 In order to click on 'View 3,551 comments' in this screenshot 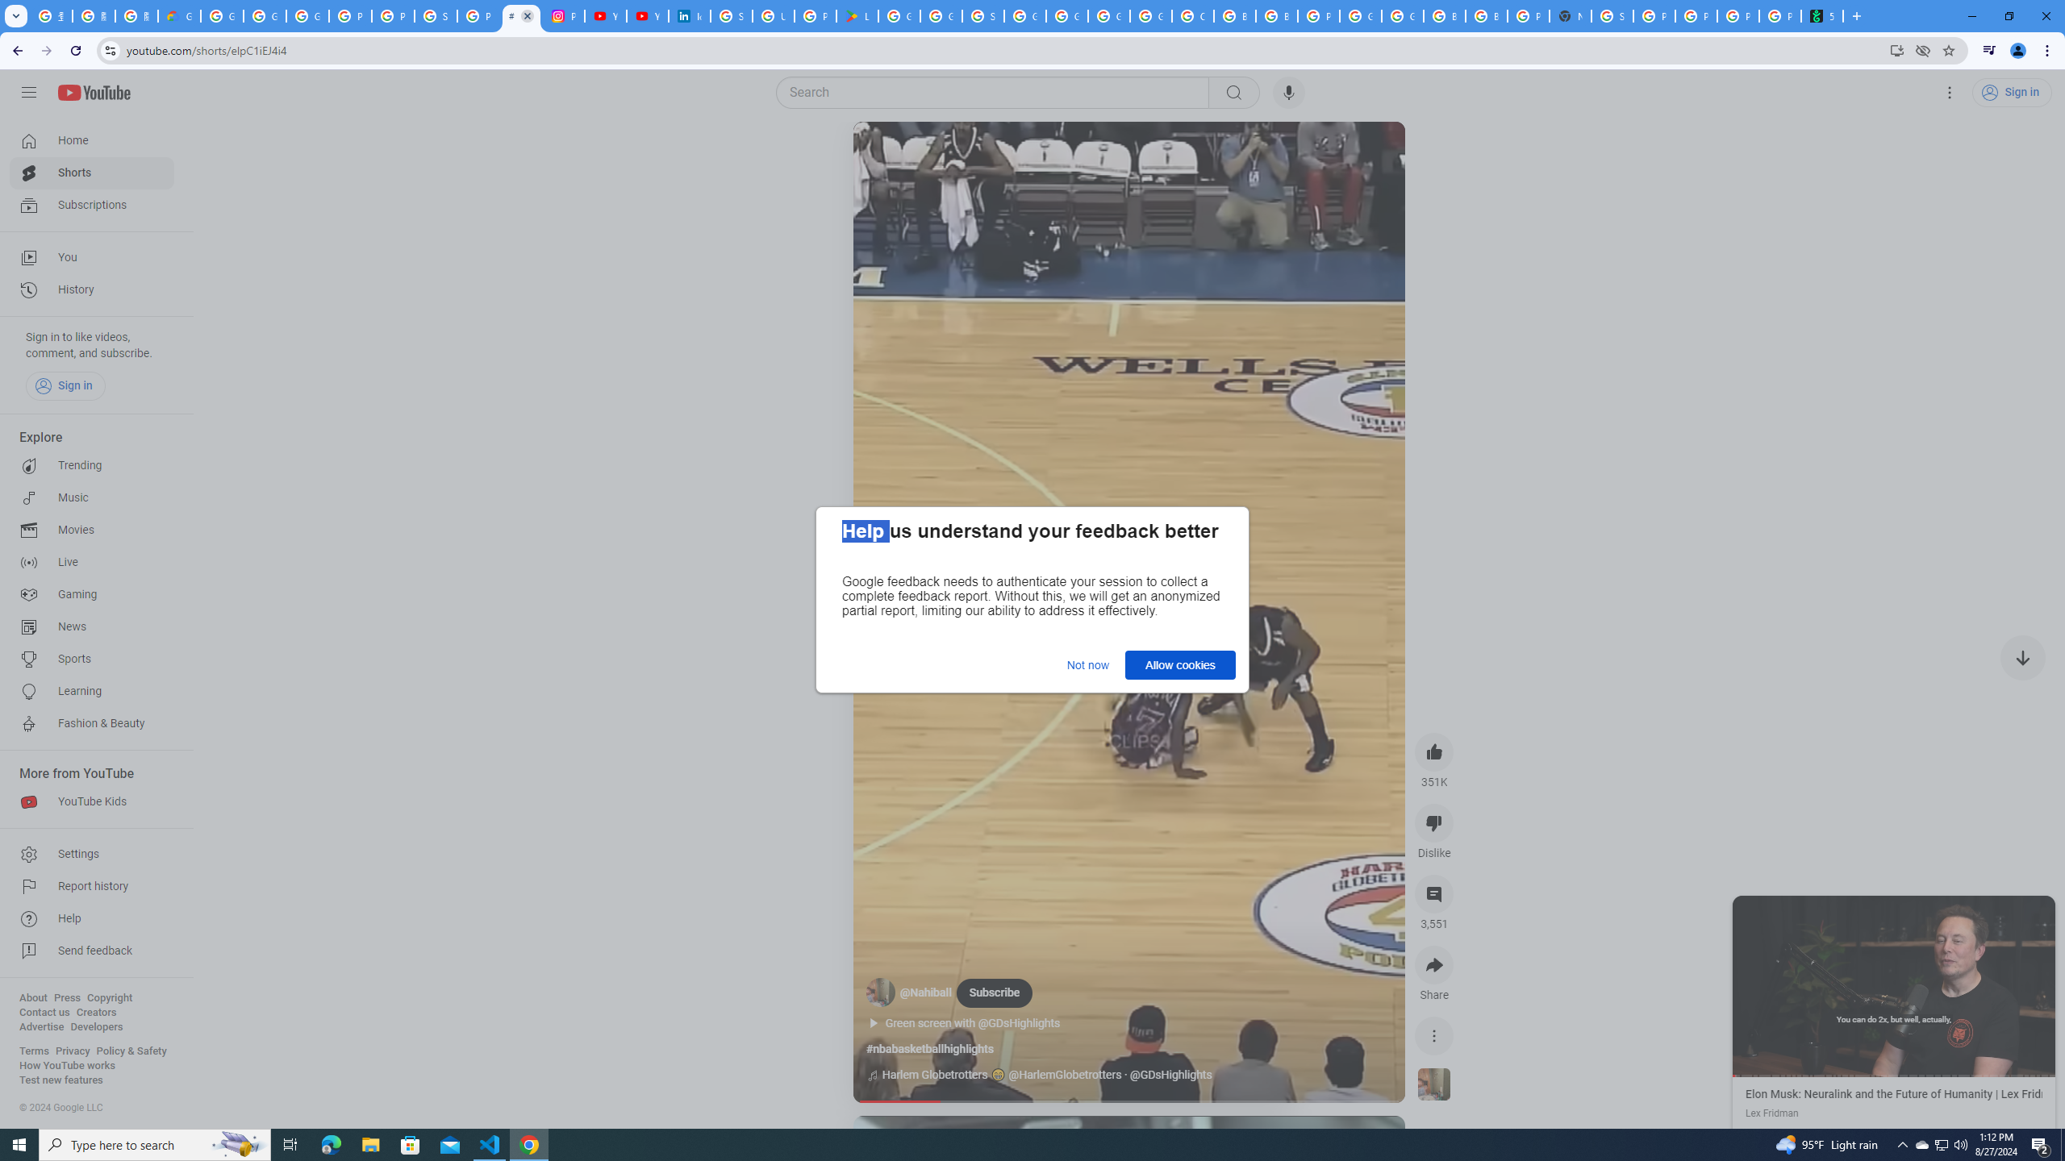, I will do `click(1433, 893)`.